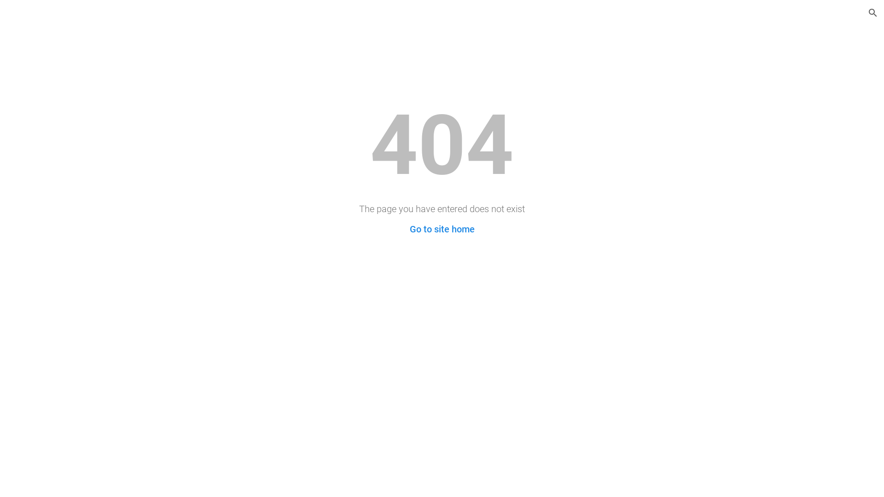  I want to click on 'Go to site home', so click(442, 228).